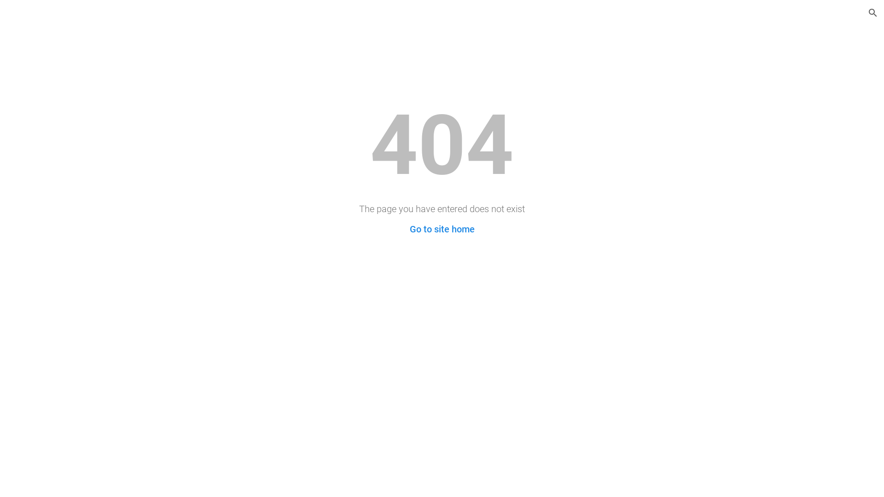  I want to click on 'Go to site home', so click(442, 228).